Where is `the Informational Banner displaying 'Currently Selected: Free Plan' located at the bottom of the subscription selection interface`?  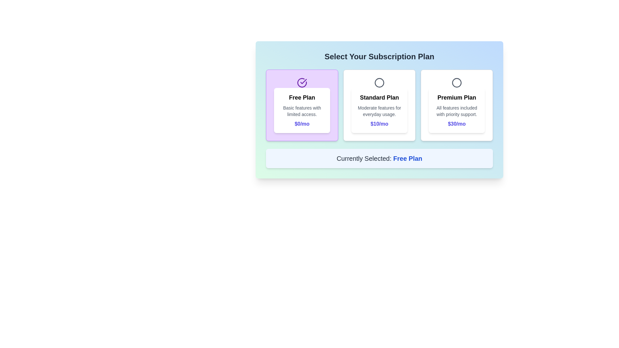 the Informational Banner displaying 'Currently Selected: Free Plan' located at the bottom of the subscription selection interface is located at coordinates (379, 159).